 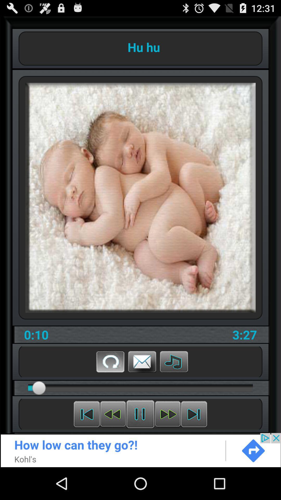 What do you see at coordinates (113, 414) in the screenshot?
I see `rewind` at bounding box center [113, 414].